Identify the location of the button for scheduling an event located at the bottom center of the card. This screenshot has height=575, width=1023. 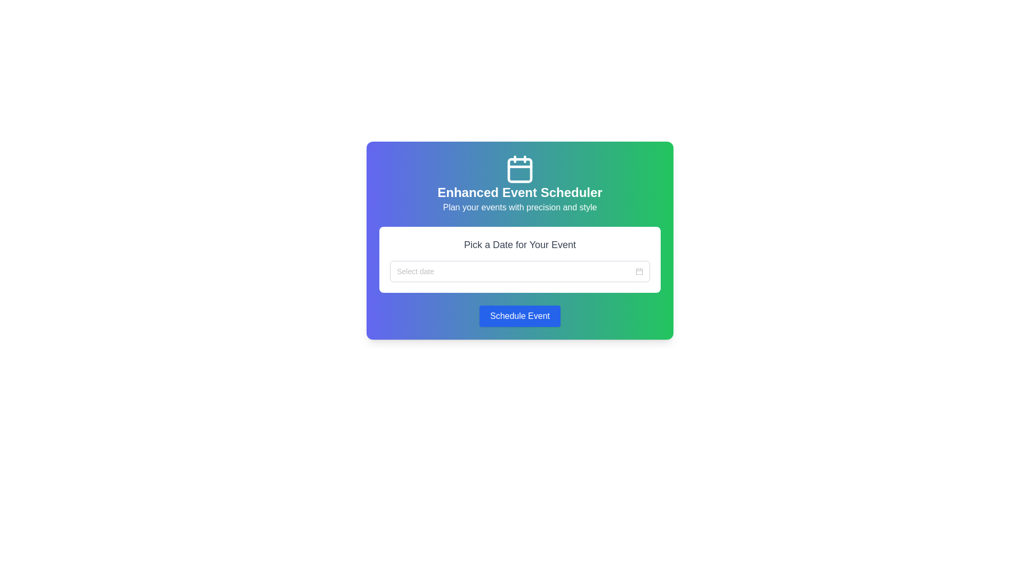
(519, 316).